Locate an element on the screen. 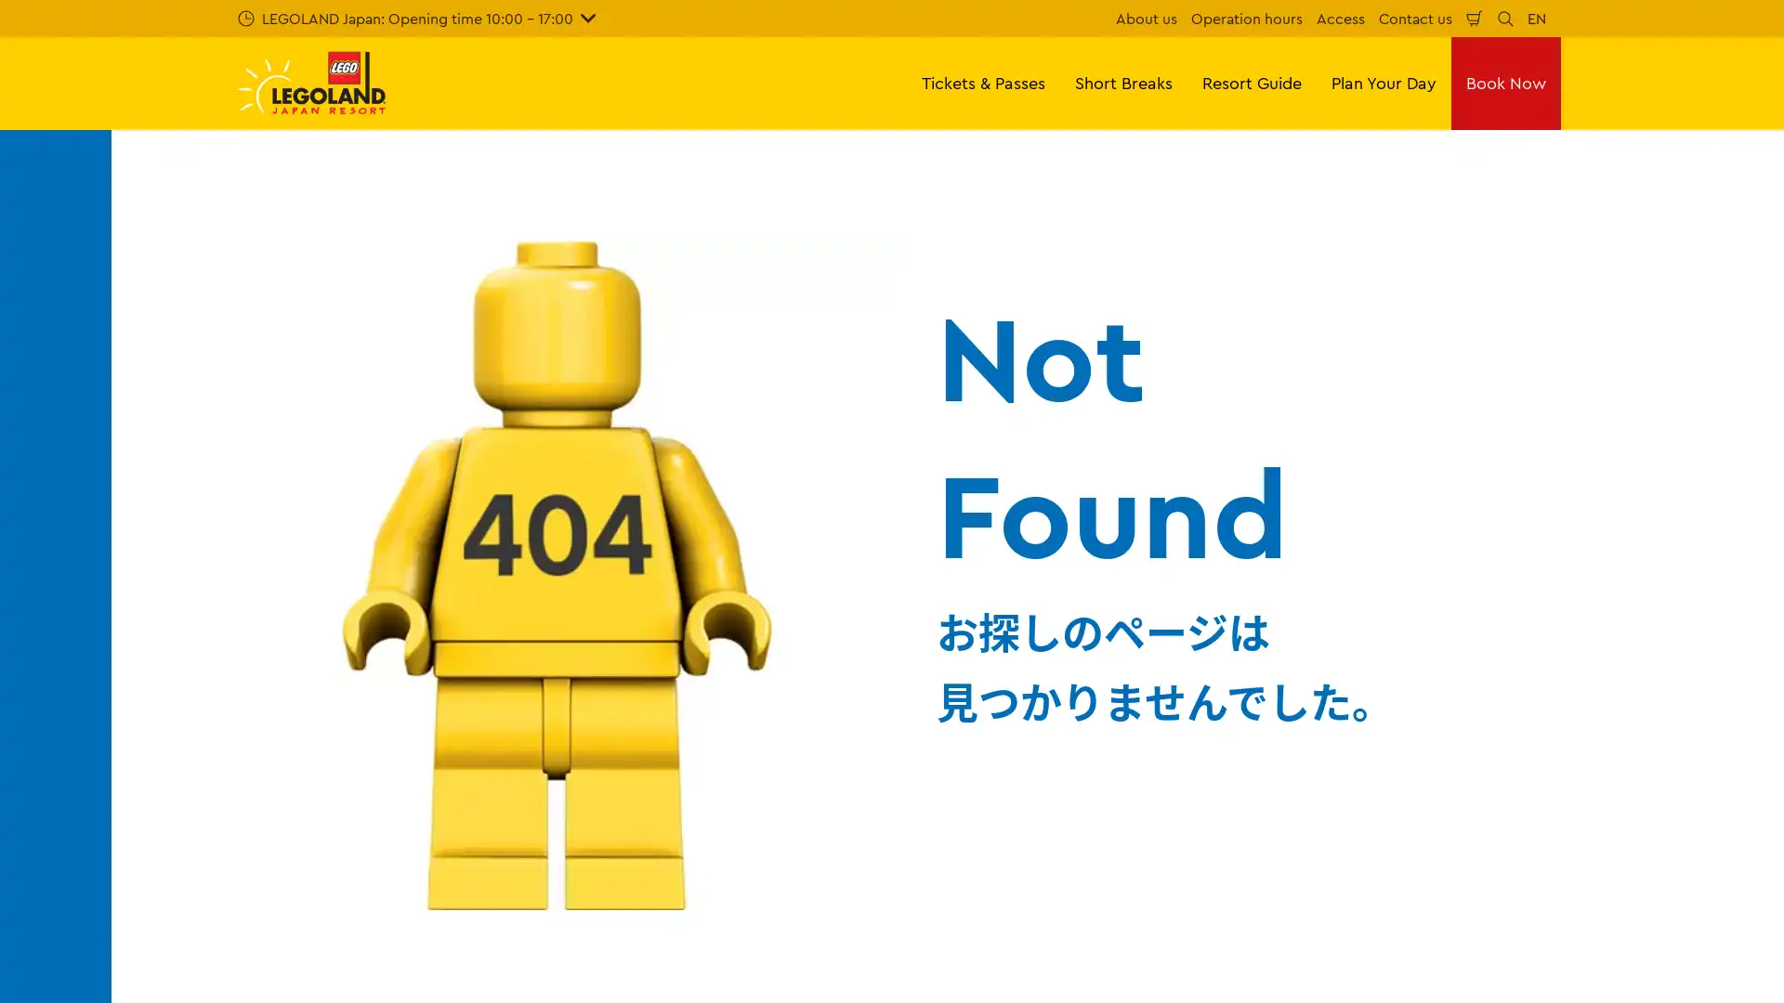 This screenshot has height=1003, width=1784. Plan Your Day is located at coordinates (1384, 82).